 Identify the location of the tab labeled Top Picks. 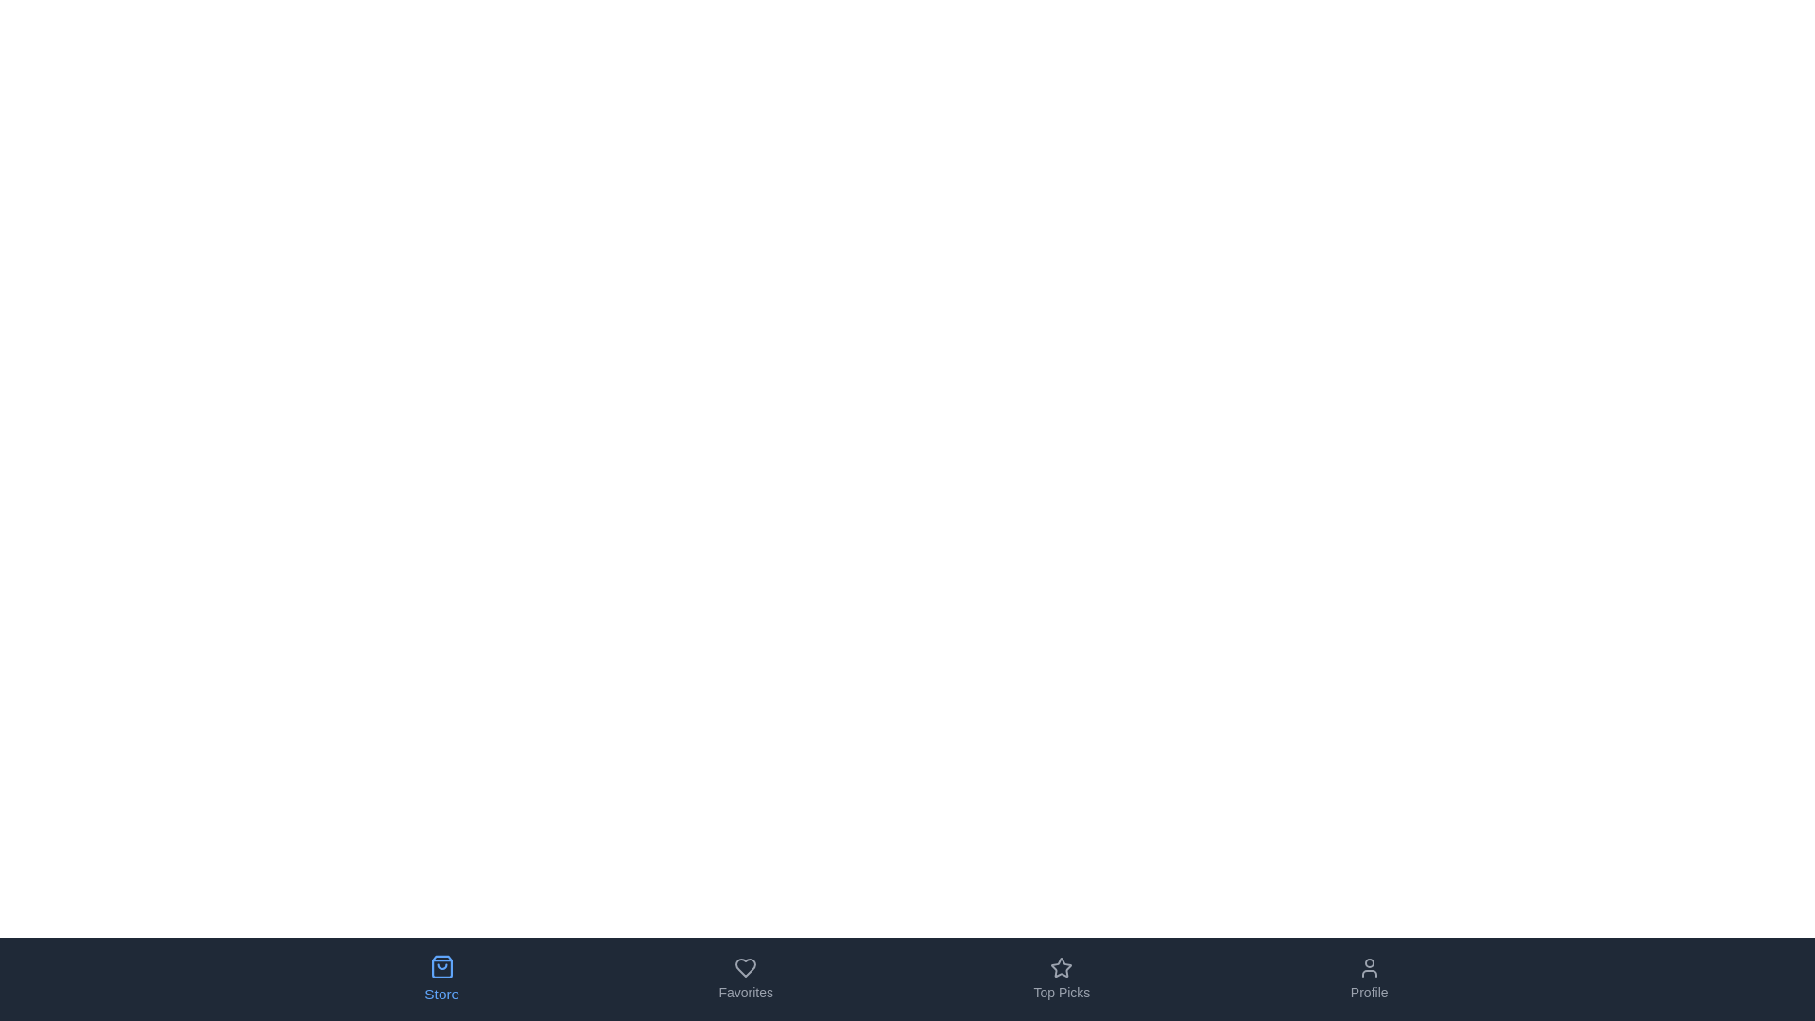
(1062, 978).